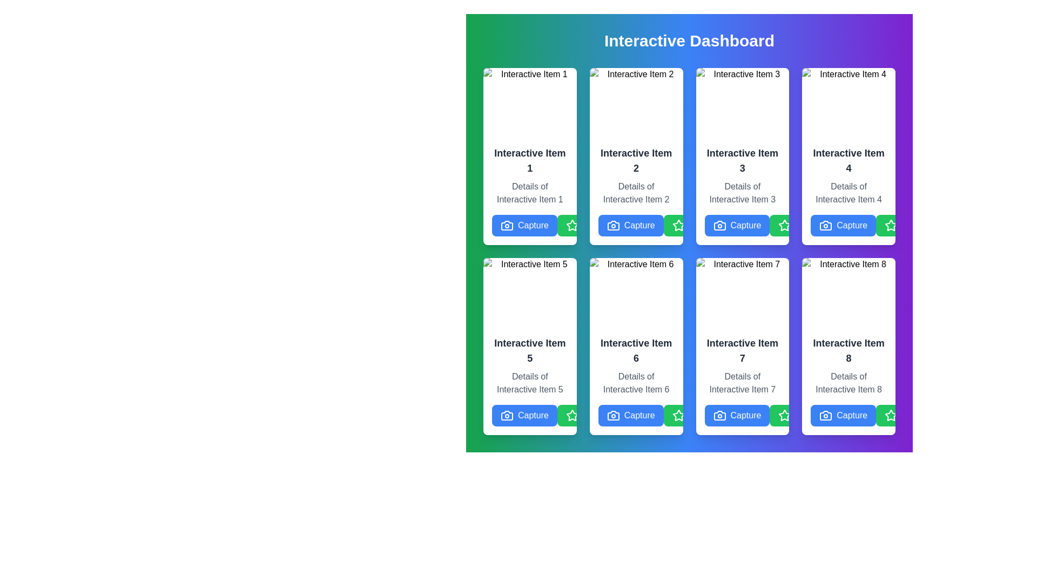 The height and width of the screenshot is (583, 1037). I want to click on the heart icon located at the bottom-right corner of the 'Interactive Item 6' card, so click(638, 415).